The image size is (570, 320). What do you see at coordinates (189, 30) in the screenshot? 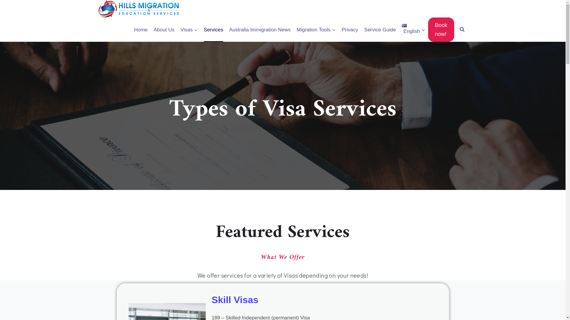
I see `'Visas'` at bounding box center [189, 30].